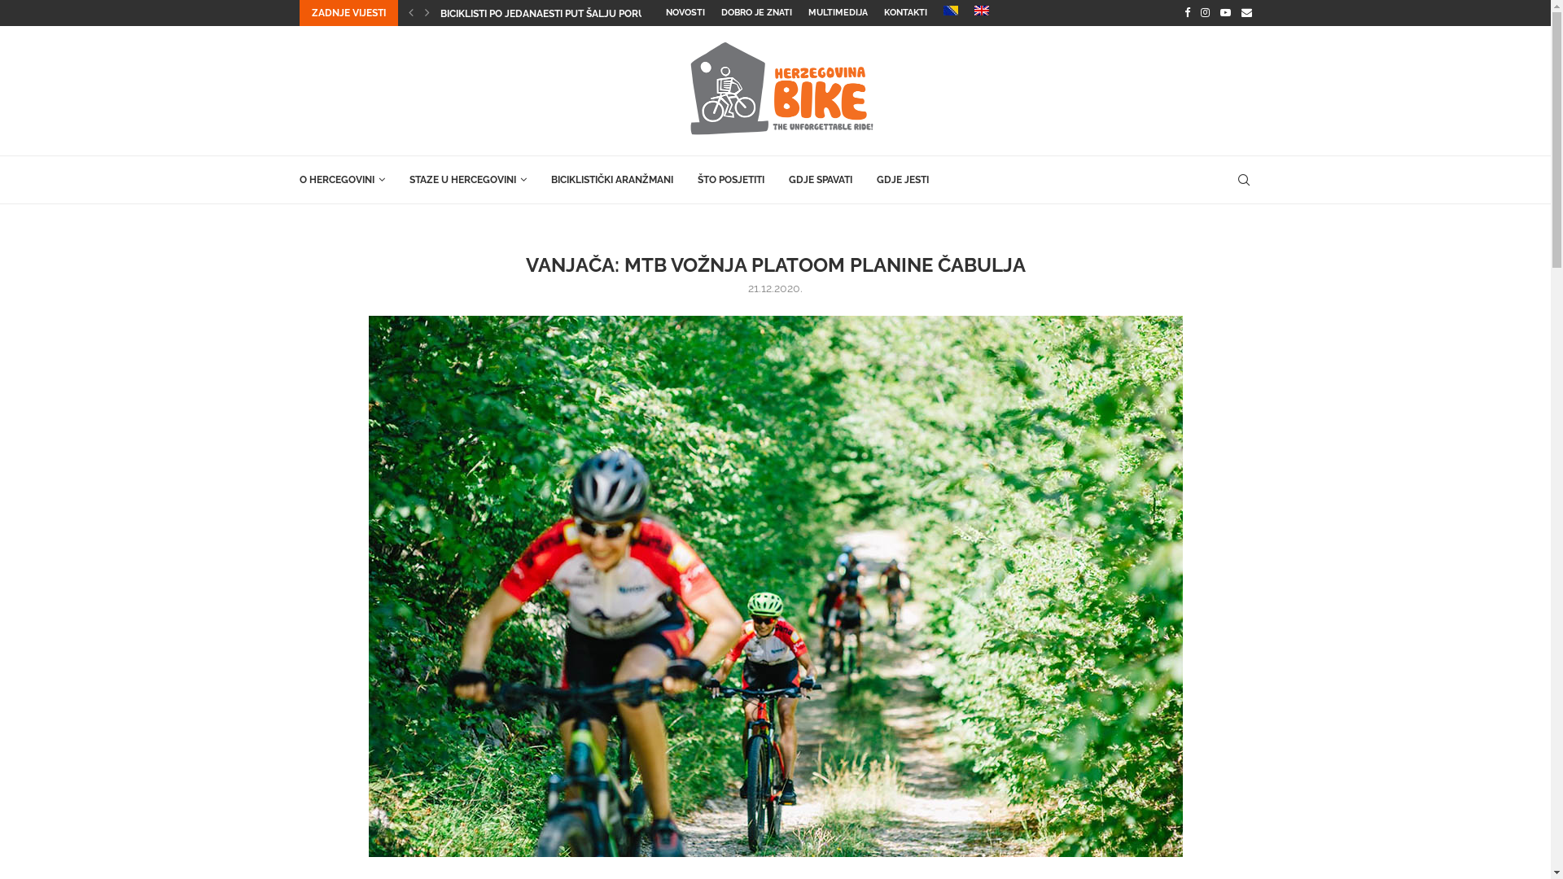  What do you see at coordinates (788, 179) in the screenshot?
I see `'GDJE SPAVATI'` at bounding box center [788, 179].